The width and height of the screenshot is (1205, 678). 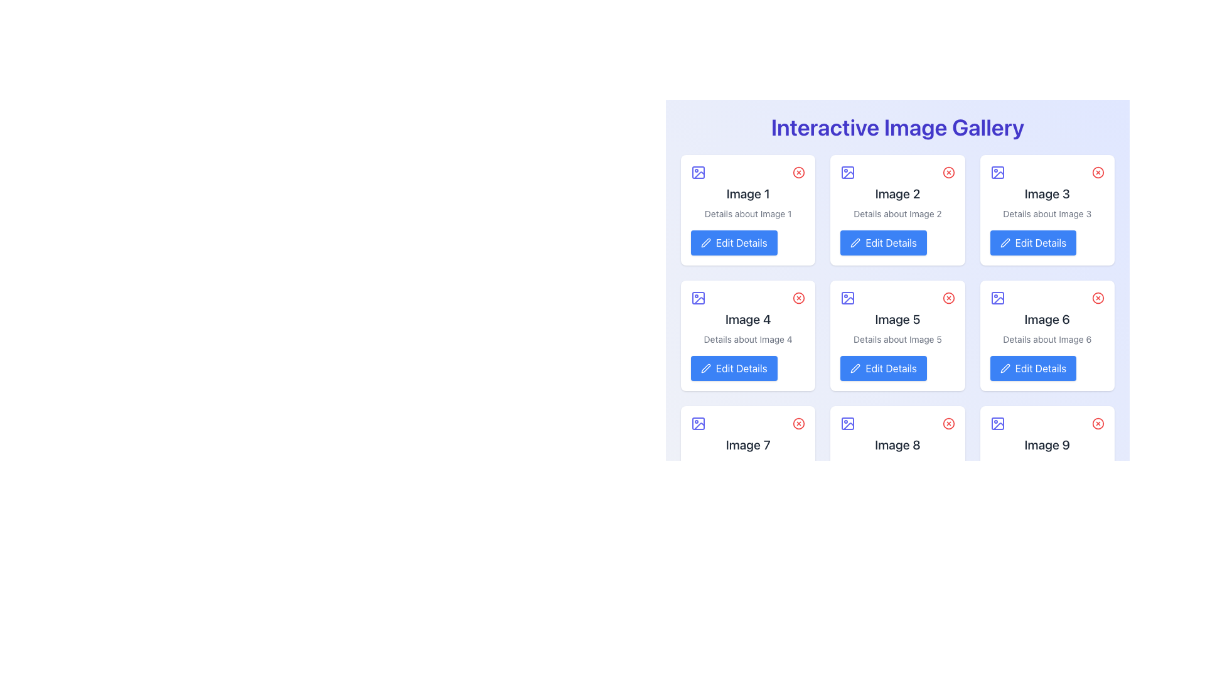 I want to click on the pen icon located within the 'Edit Details' button on the card labeled 'Image 5' in the interactive image gallery, so click(x=855, y=367).